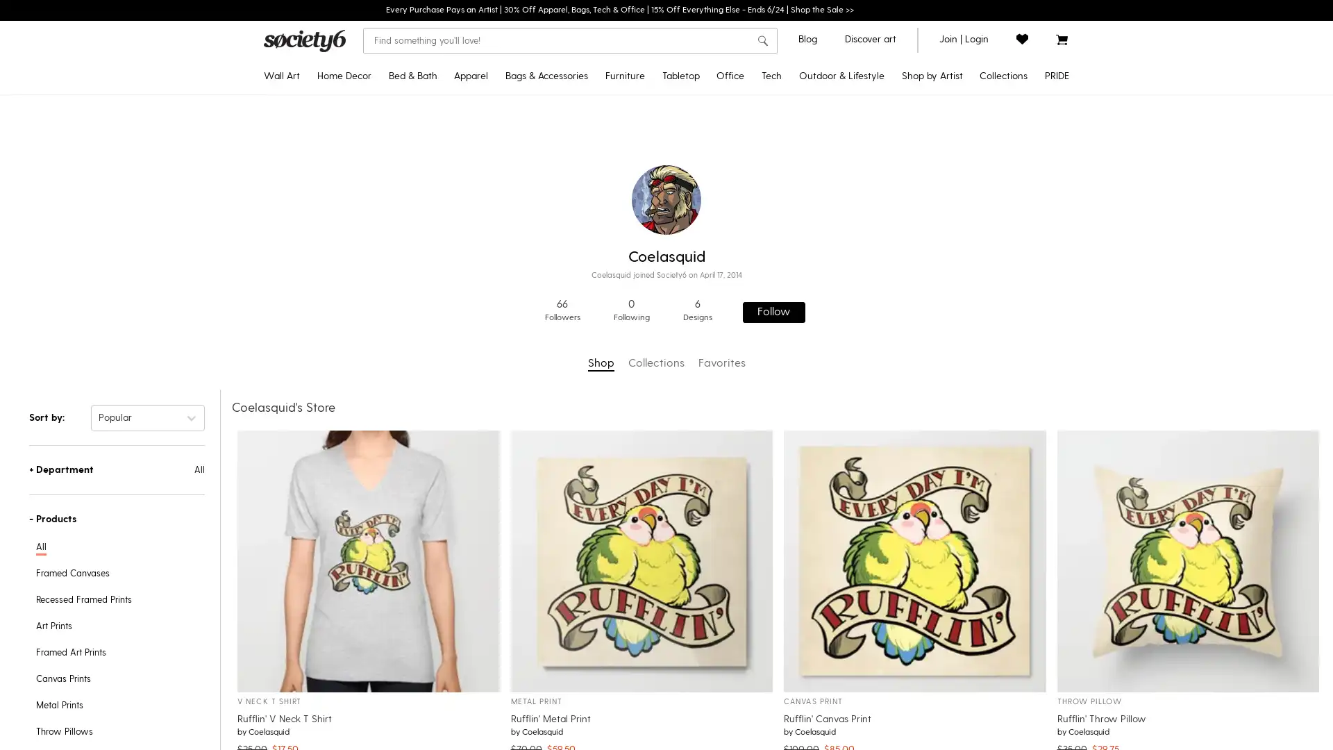 This screenshot has height=750, width=1333. Describe the element at coordinates (281, 76) in the screenshot. I see `Wall Art` at that location.